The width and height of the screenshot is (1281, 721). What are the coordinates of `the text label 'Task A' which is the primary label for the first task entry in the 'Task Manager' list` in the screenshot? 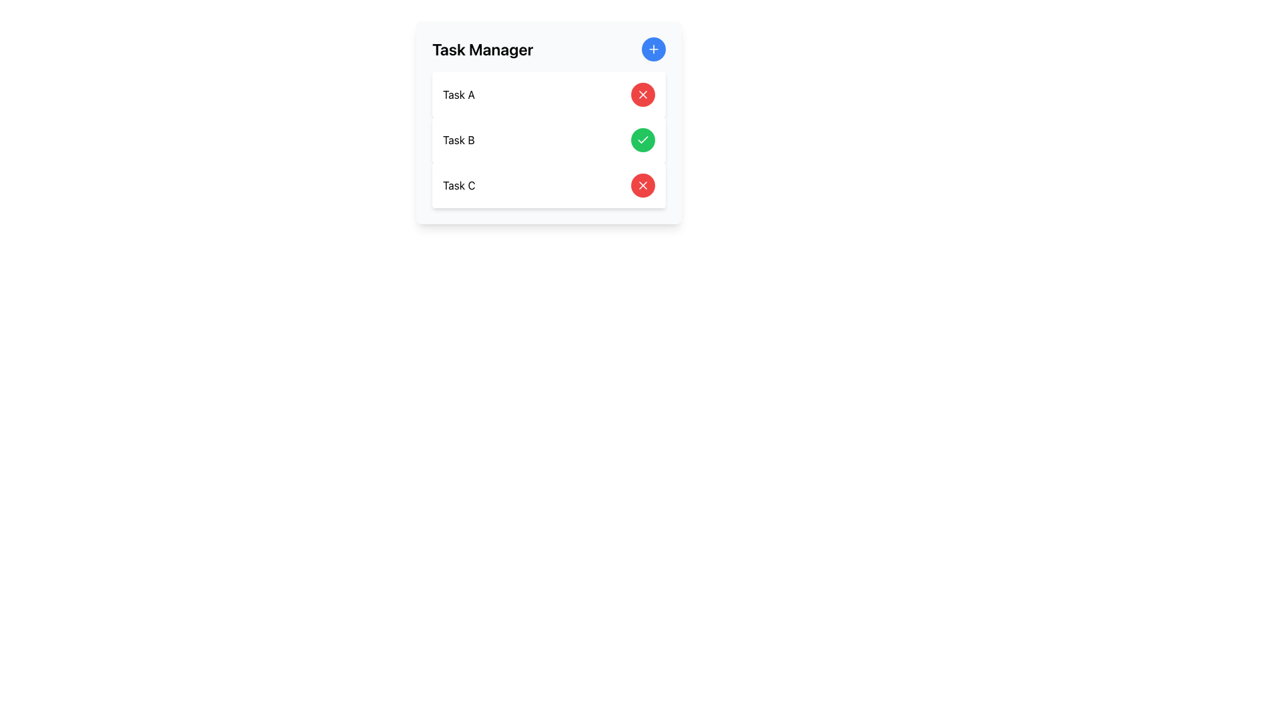 It's located at (458, 94).